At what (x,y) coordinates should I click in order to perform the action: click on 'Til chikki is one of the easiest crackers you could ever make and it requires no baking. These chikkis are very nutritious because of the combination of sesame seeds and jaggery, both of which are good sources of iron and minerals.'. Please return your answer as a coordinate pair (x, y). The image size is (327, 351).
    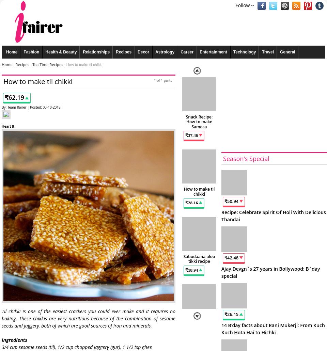
    Looking at the image, I should click on (88, 318).